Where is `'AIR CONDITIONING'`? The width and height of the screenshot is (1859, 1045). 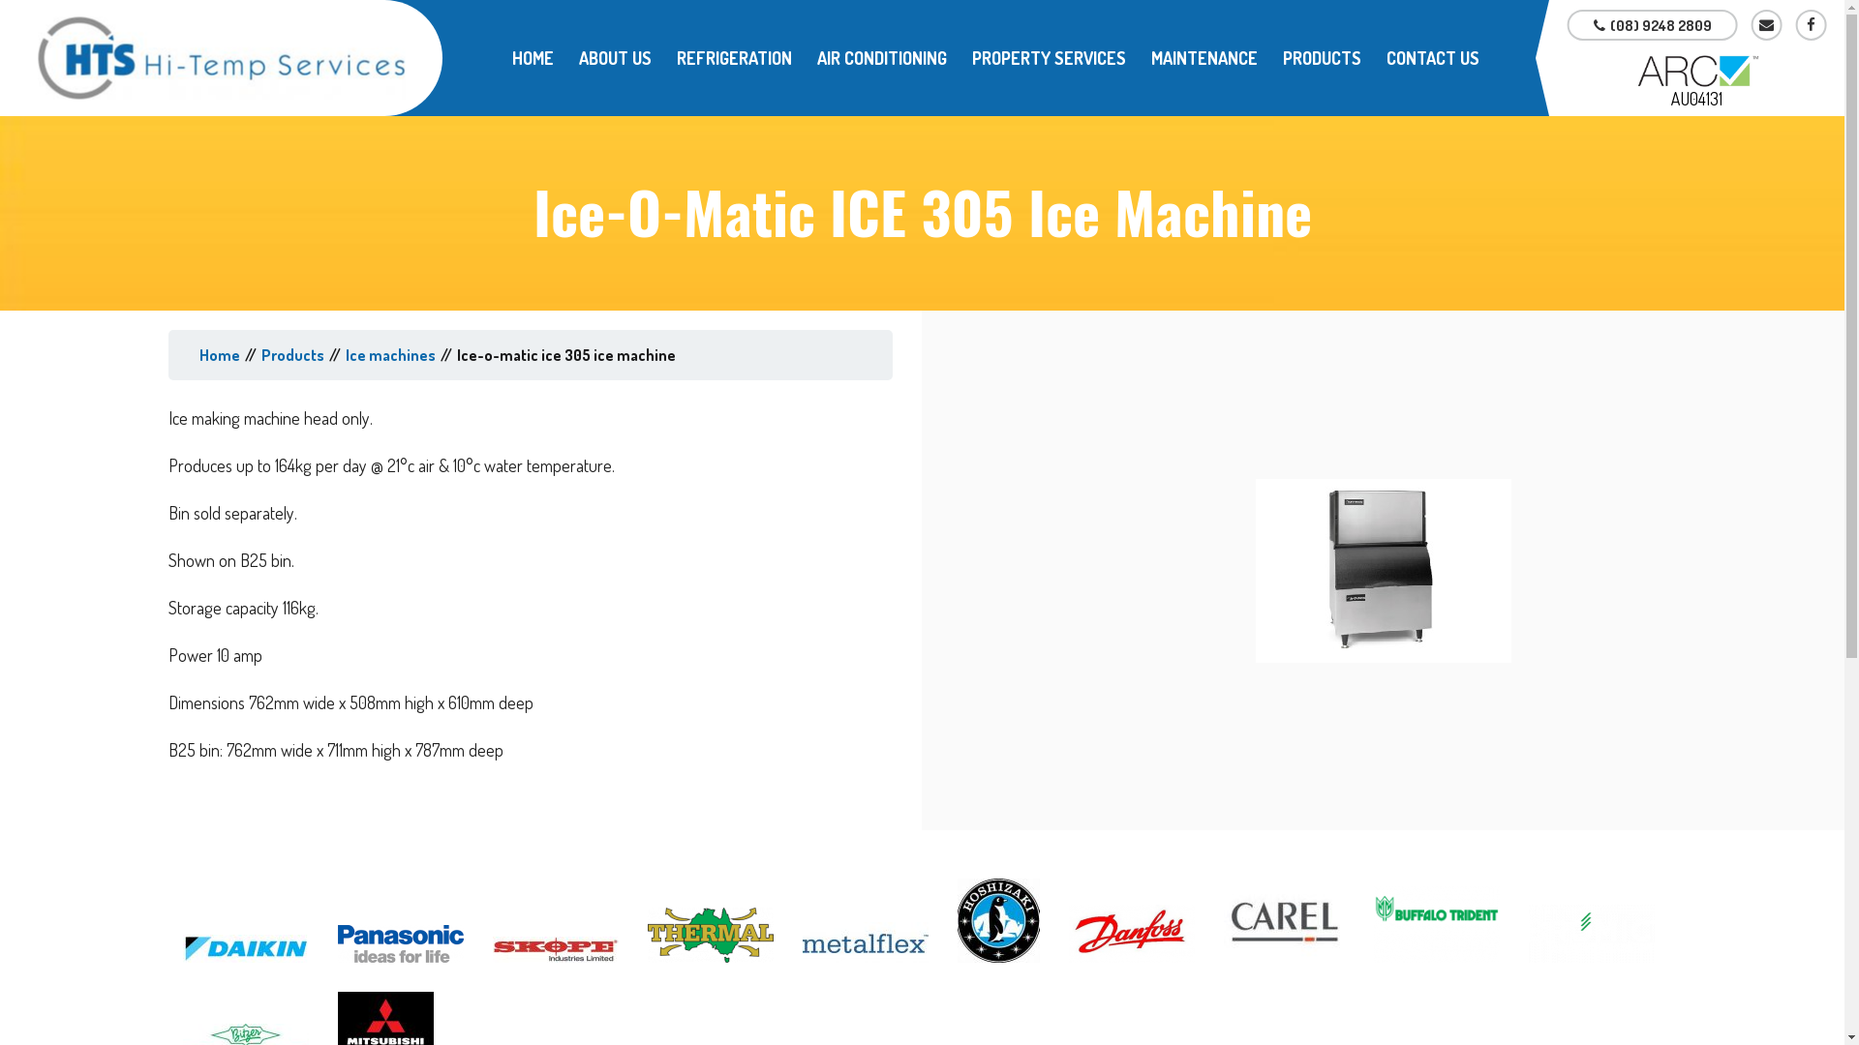
'AIR CONDITIONING' is located at coordinates (881, 57).